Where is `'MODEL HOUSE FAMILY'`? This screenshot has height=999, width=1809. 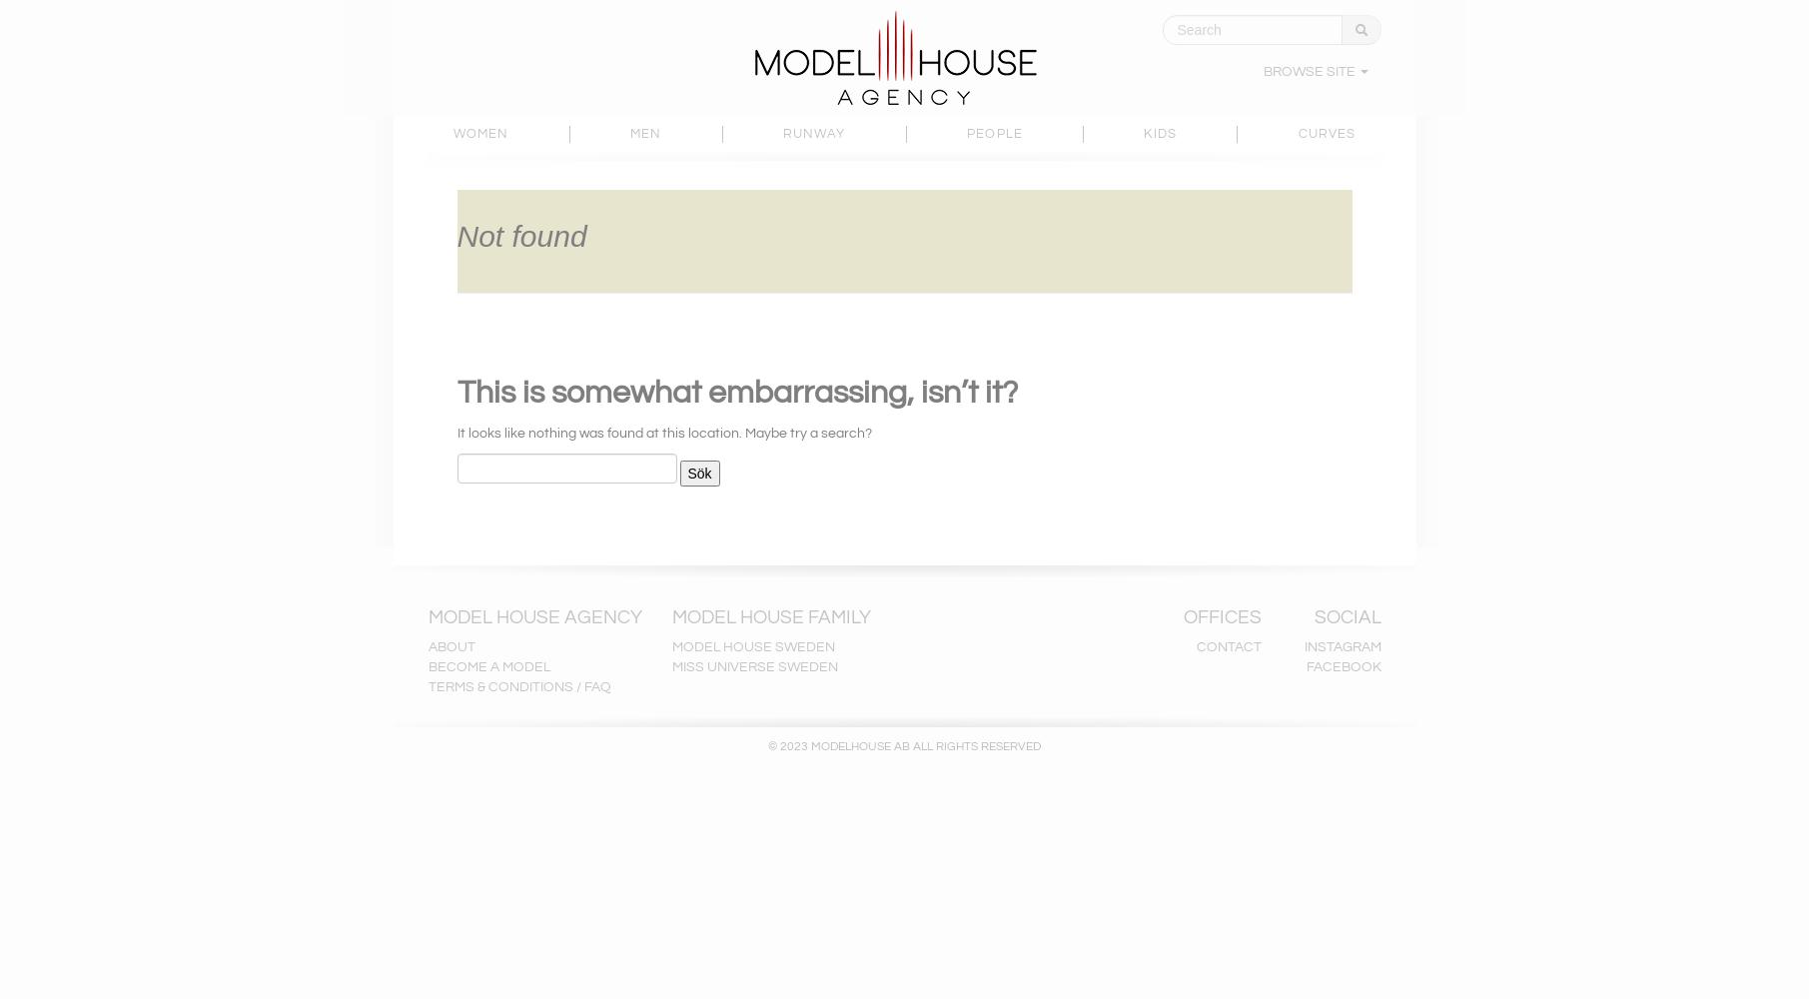 'MODEL HOUSE FAMILY' is located at coordinates (770, 616).